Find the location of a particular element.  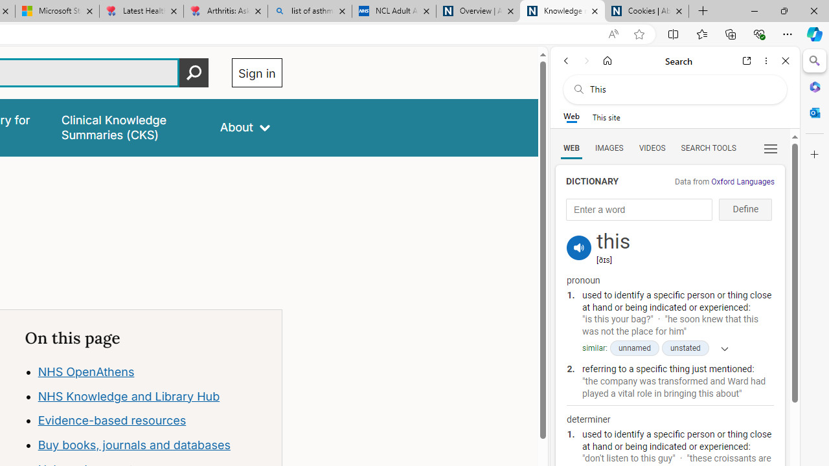

'NHS Knowledge and Library Hub' is located at coordinates (129, 395).